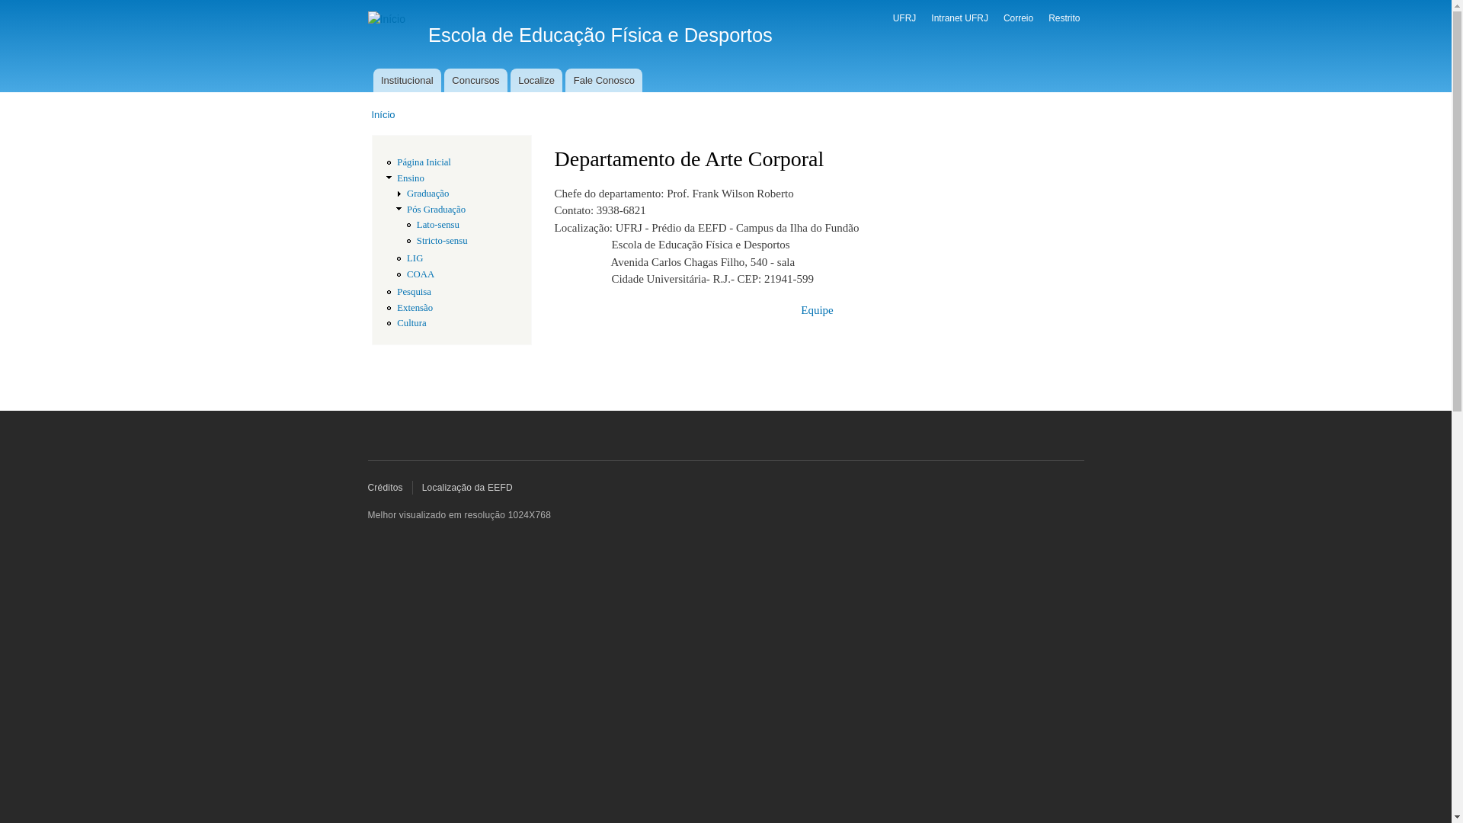 This screenshot has width=1463, height=823. Describe the element at coordinates (437, 224) in the screenshot. I see `'Lato-sensu'` at that location.